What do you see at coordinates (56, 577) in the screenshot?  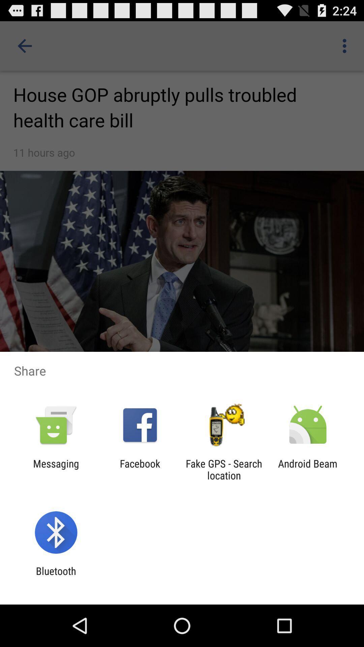 I see `the bluetooth icon` at bounding box center [56, 577].